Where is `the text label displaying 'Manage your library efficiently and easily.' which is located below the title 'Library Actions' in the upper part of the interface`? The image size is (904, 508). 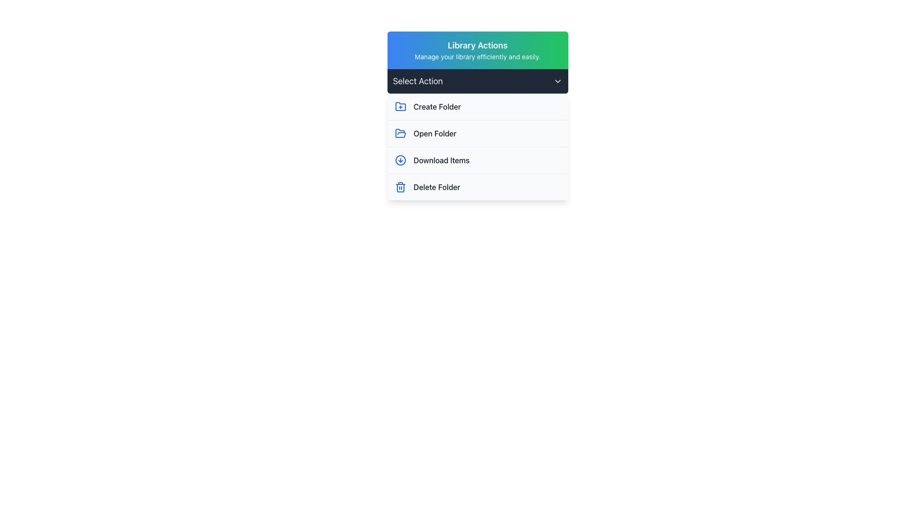 the text label displaying 'Manage your library efficiently and easily.' which is located below the title 'Library Actions' in the upper part of the interface is located at coordinates (477, 56).